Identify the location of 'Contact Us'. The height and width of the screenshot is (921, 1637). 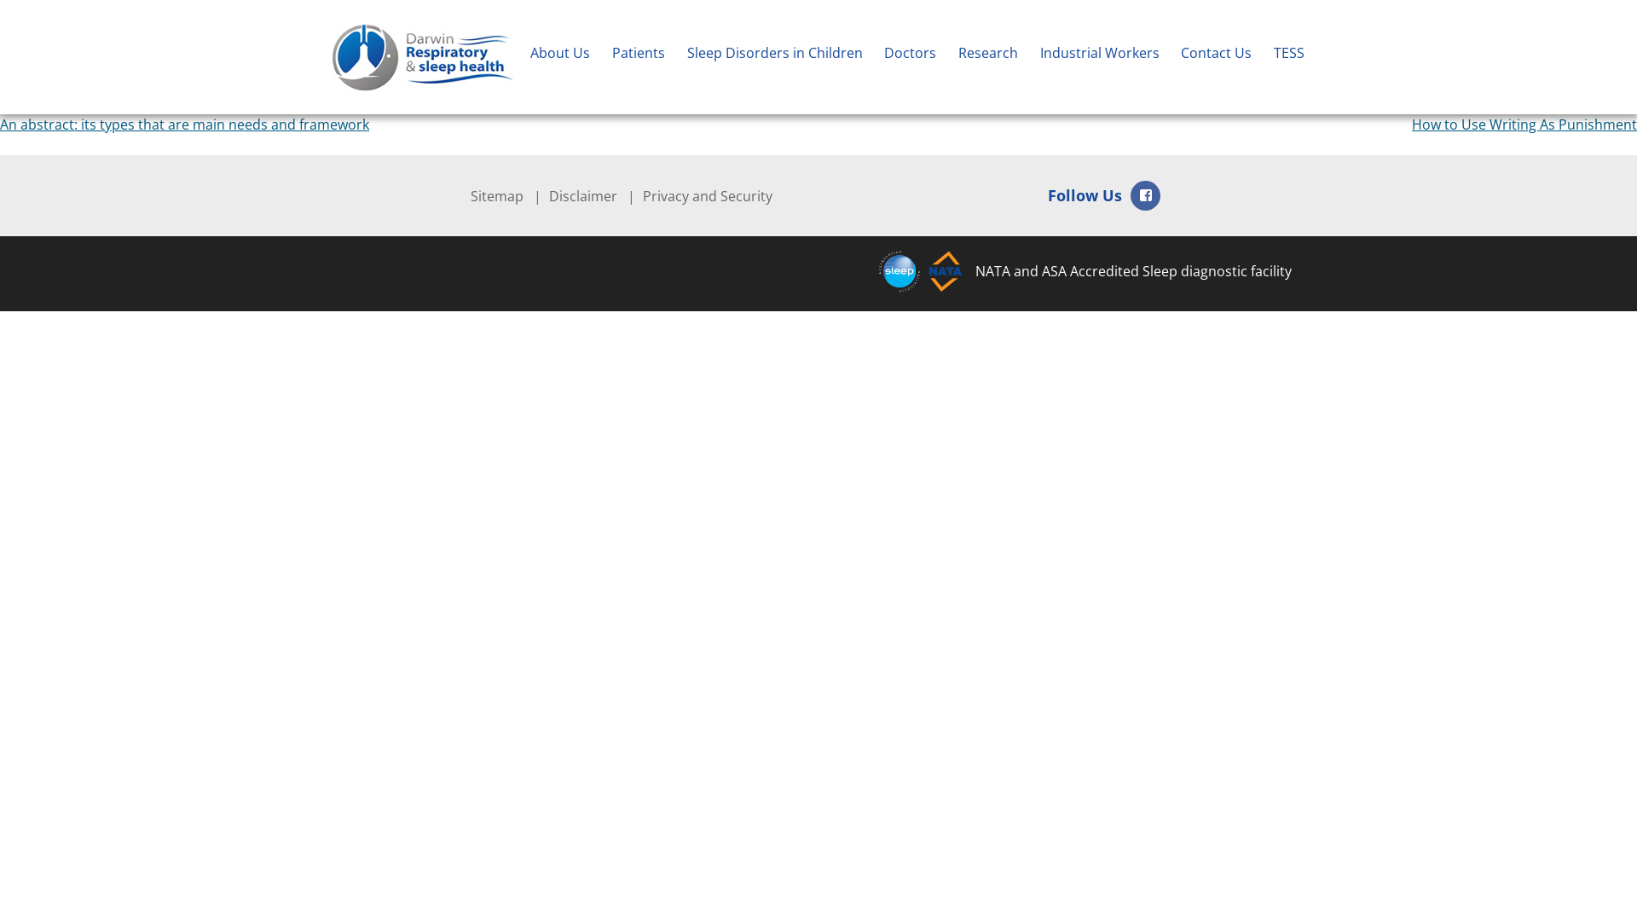
(1215, 55).